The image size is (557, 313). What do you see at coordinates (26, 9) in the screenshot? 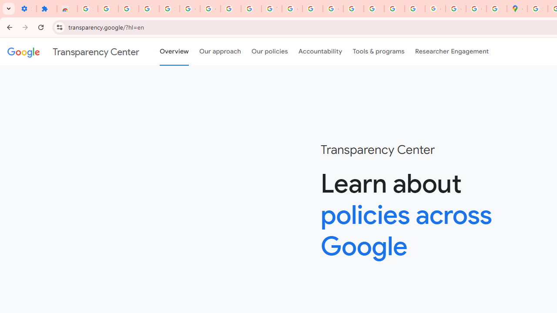
I see `'Settings - On startup'` at bounding box center [26, 9].